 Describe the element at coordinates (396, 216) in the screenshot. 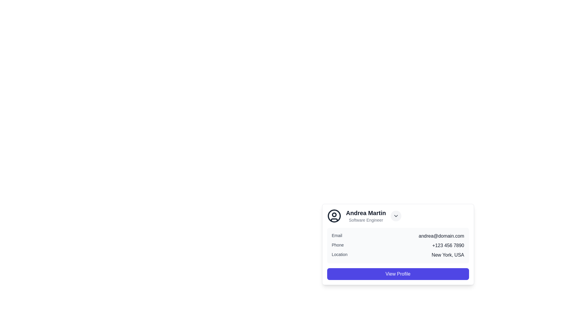

I see `the circular button with a light gray background and a downward-facing chevron icon, located to the right of 'Andrea Martin' and 'Software Engineer'` at that location.